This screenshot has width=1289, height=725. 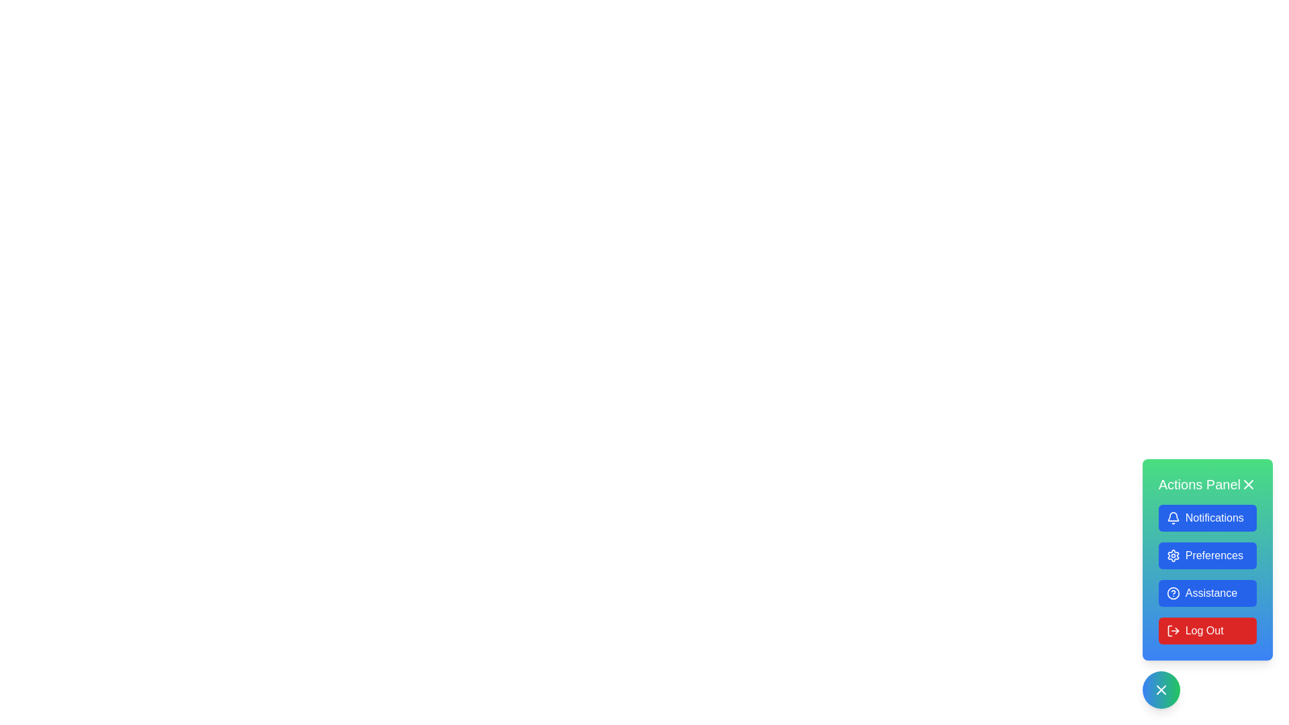 I want to click on the close icon within the green 'Actions Panel' header, so click(x=1160, y=690).